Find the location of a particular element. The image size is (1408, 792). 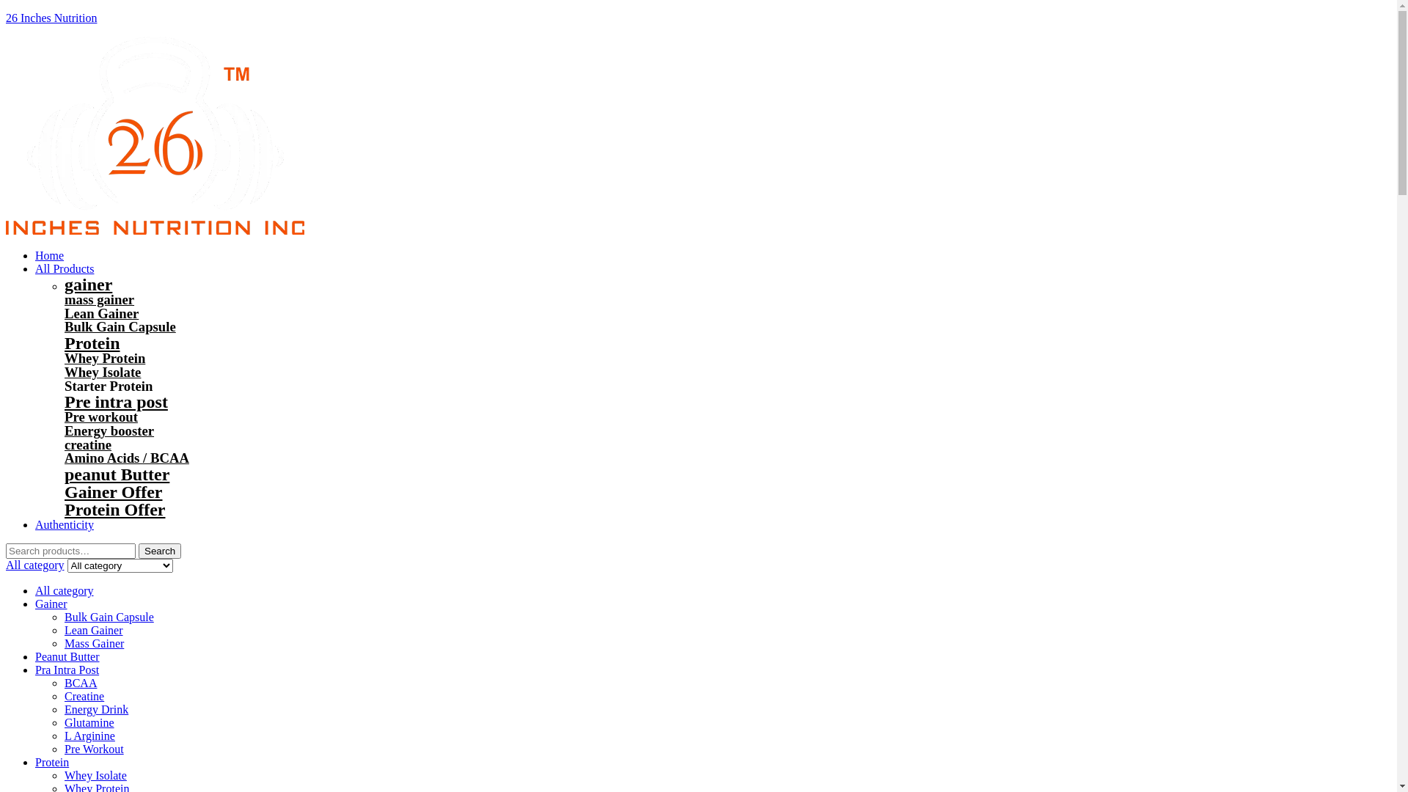

'Pre Workout' is located at coordinates (63, 749).